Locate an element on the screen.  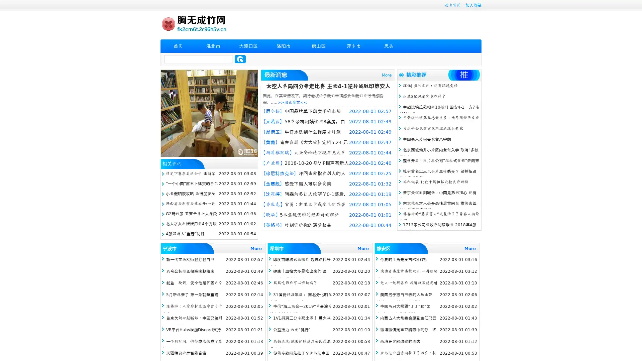
Search is located at coordinates (240, 59).